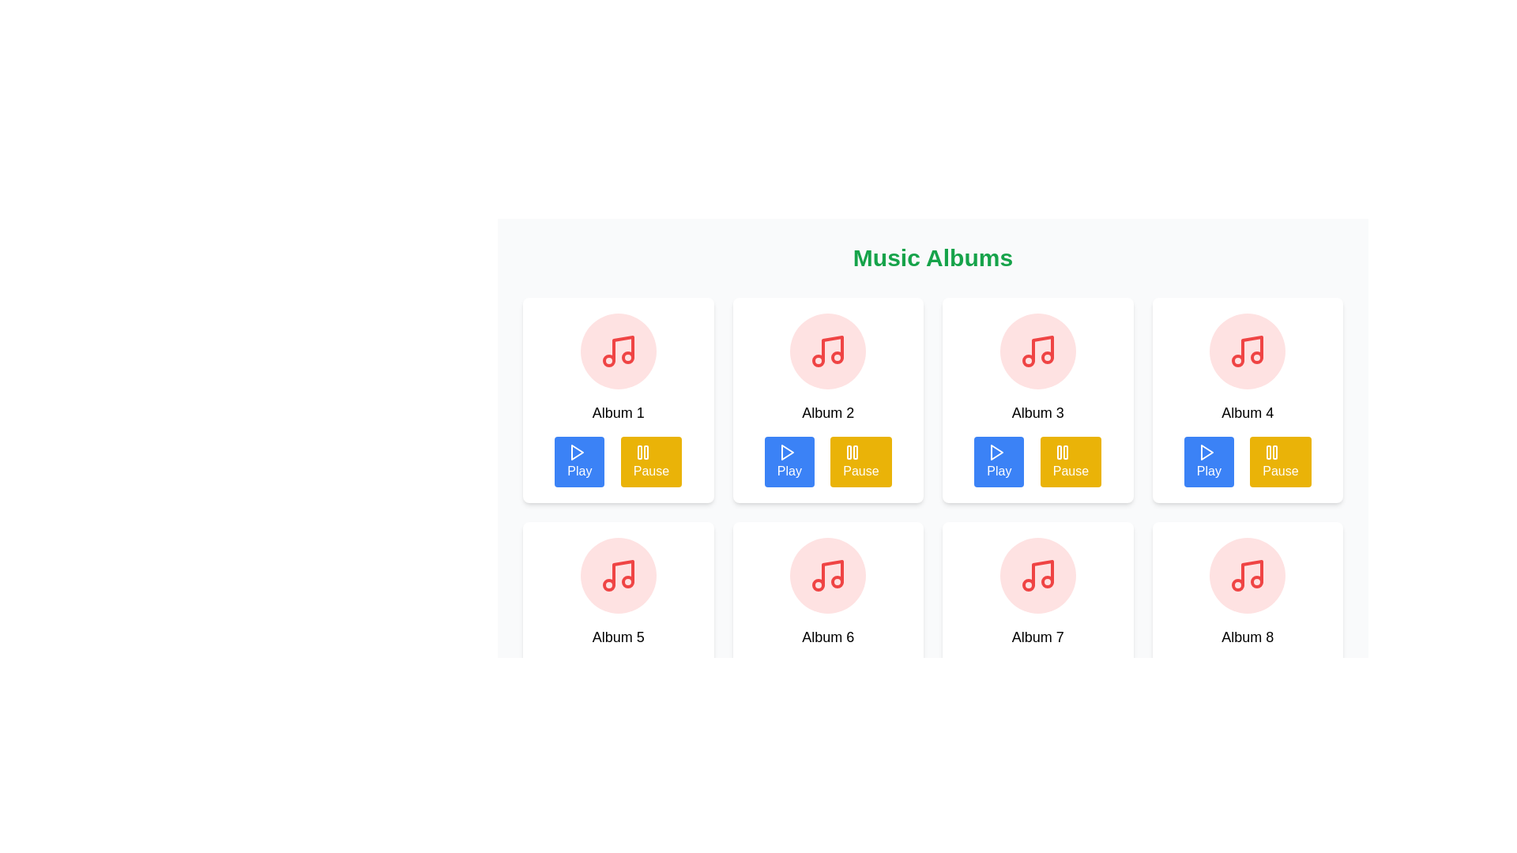  I want to click on the graphical vector line that represents the music note for 'Album 7', located in the middle-right section of the layout, so click(1042, 573).